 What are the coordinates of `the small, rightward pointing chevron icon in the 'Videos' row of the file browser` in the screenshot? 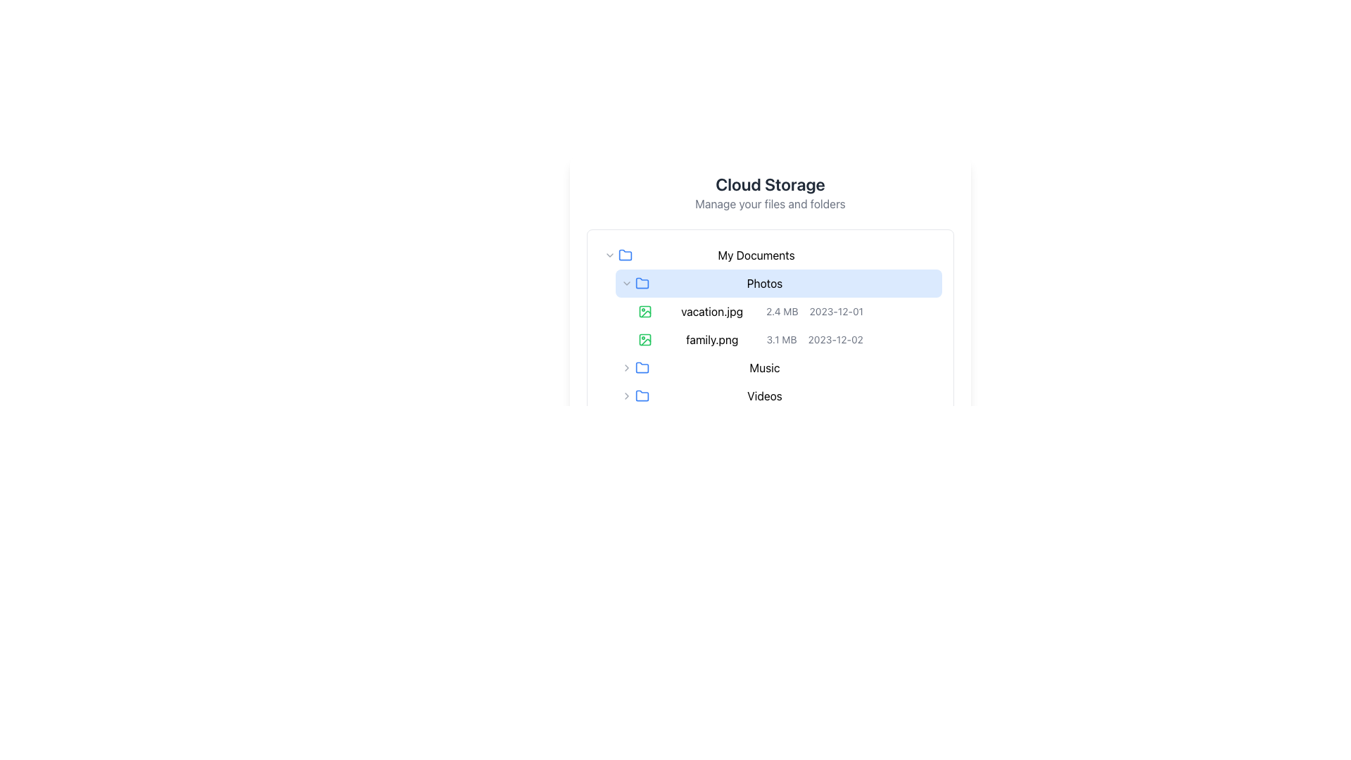 It's located at (626, 396).